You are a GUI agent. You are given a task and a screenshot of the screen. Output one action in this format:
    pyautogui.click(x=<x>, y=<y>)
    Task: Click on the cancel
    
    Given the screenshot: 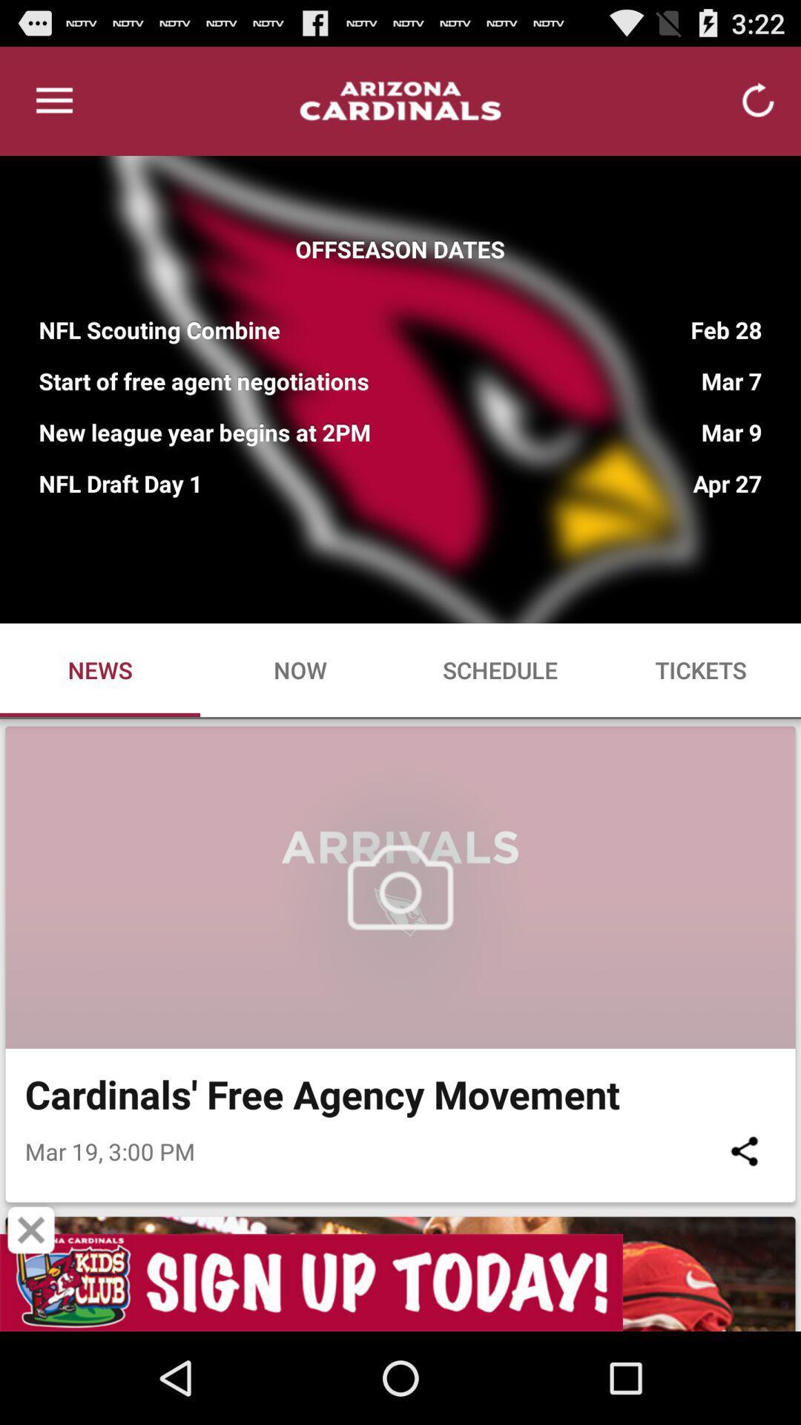 What is the action you would take?
    pyautogui.click(x=31, y=1230)
    